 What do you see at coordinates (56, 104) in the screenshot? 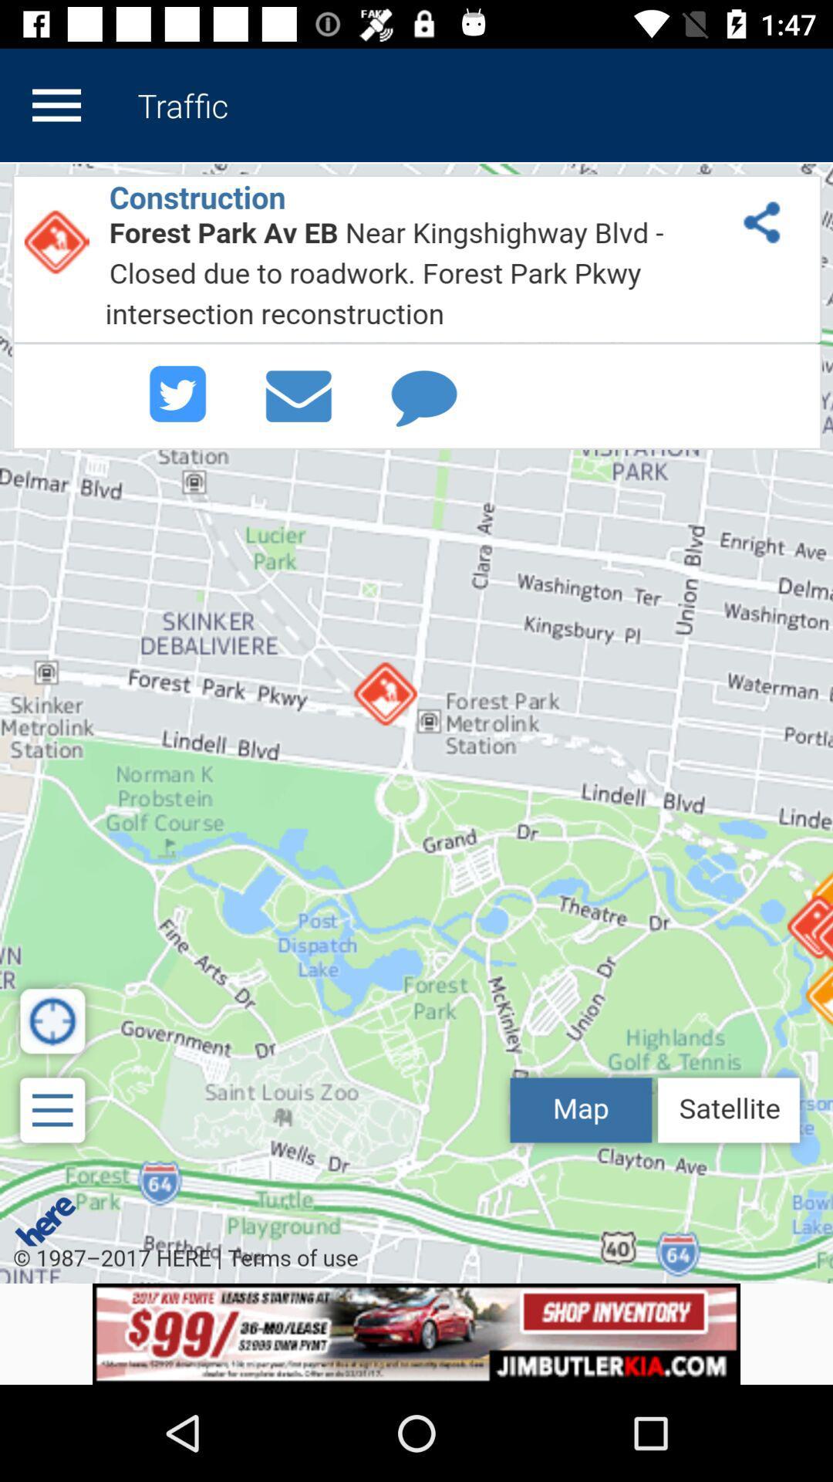
I see `the menu icon` at bounding box center [56, 104].